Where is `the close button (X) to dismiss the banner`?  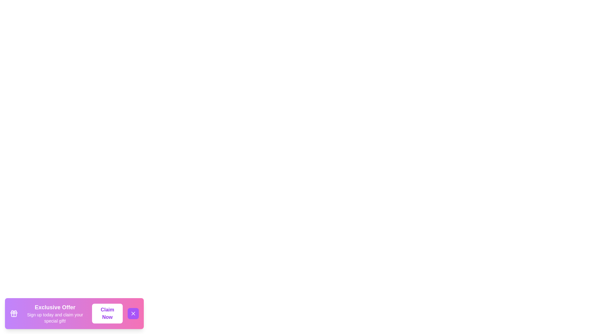 the close button (X) to dismiss the banner is located at coordinates (133, 314).